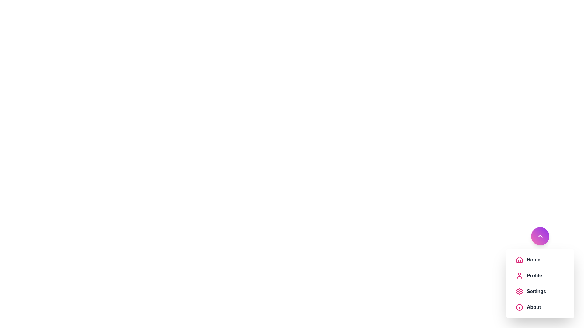  What do you see at coordinates (546, 275) in the screenshot?
I see `the menu item labeled Profile` at bounding box center [546, 275].